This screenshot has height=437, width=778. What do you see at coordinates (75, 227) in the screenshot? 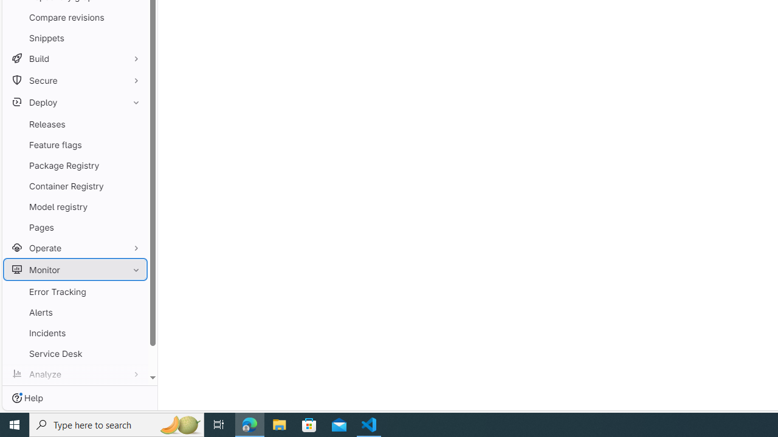
I see `'Pages'` at bounding box center [75, 227].